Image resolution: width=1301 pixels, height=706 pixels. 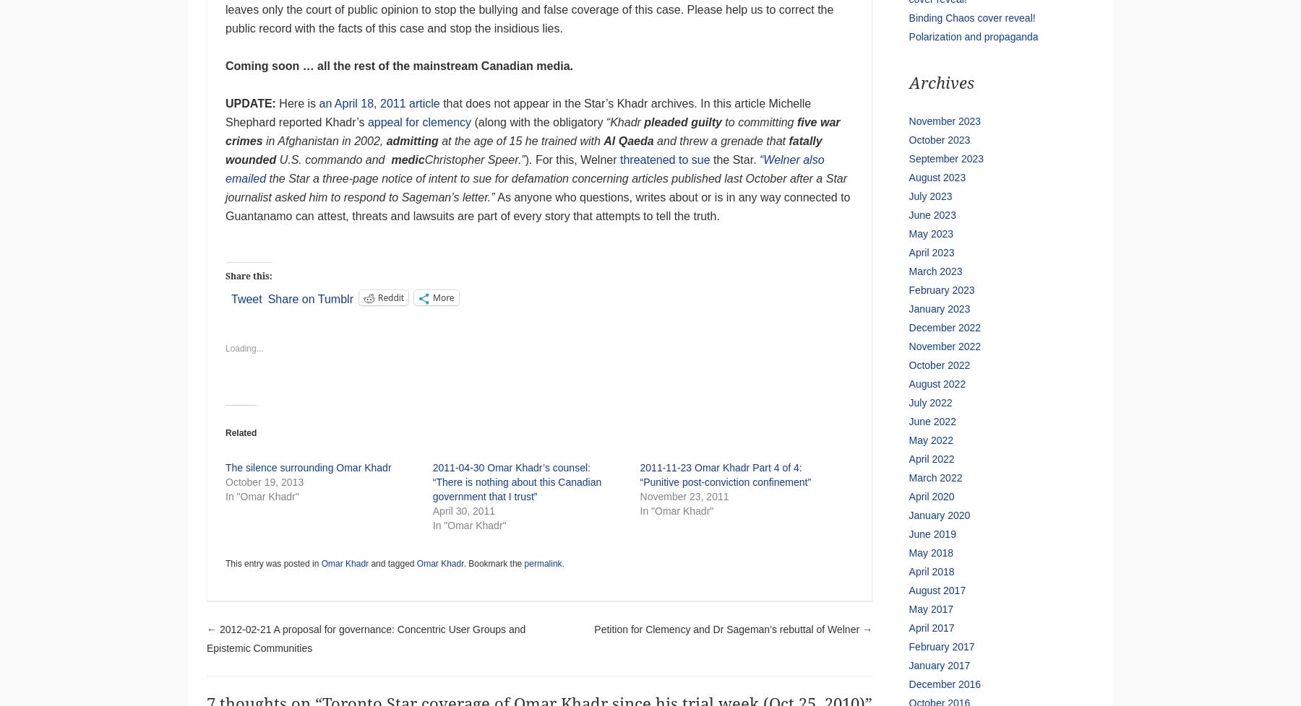 I want to click on 'UPDATE:', so click(x=250, y=103).